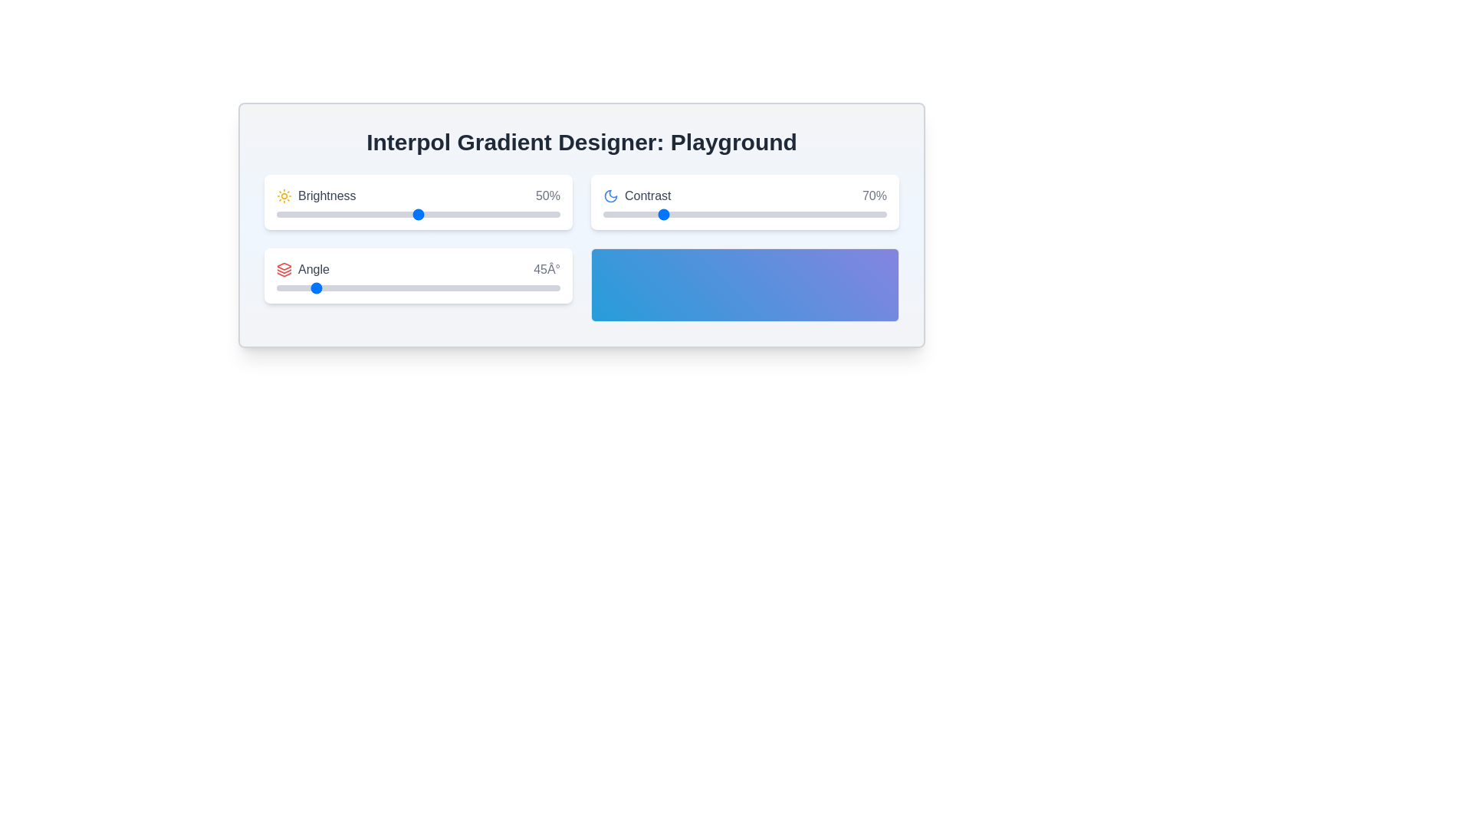 This screenshot has height=828, width=1472. What do you see at coordinates (803, 215) in the screenshot?
I see `the contrast level` at bounding box center [803, 215].